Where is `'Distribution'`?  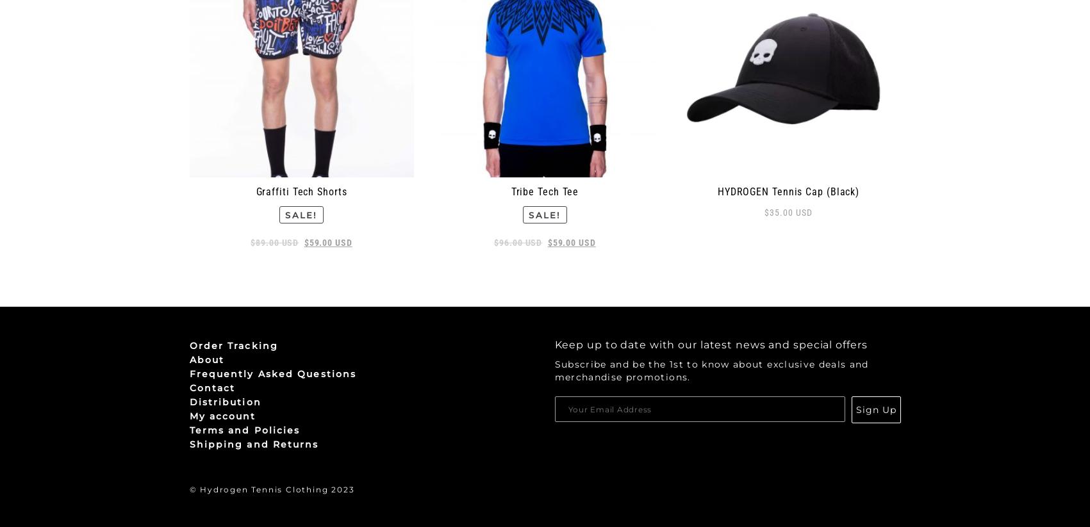
'Distribution' is located at coordinates (224, 401).